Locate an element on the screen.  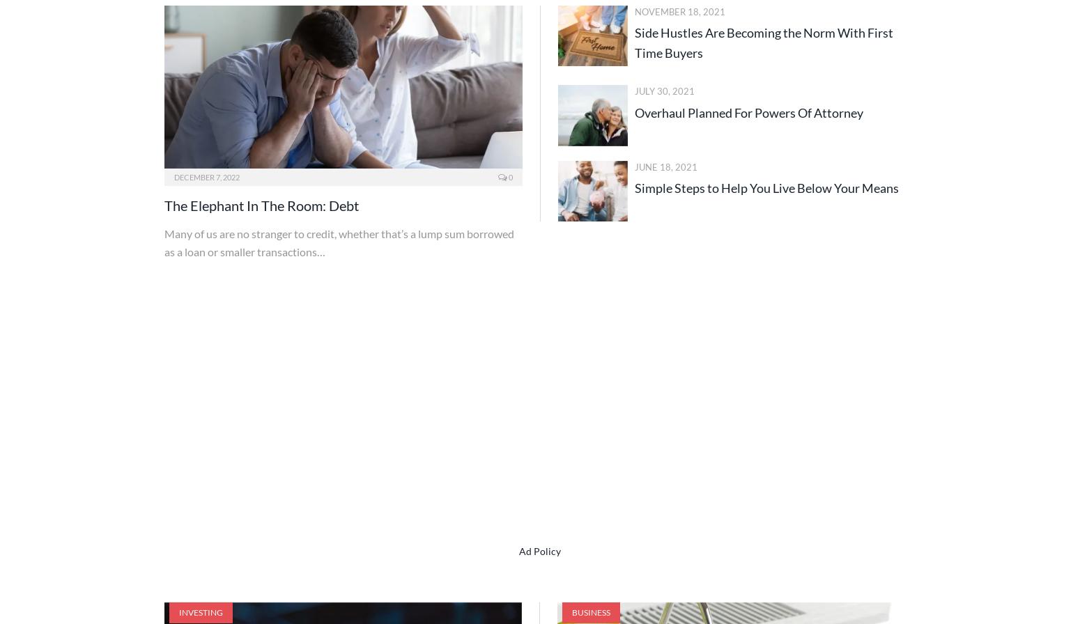
'December 7, 2022' is located at coordinates (206, 177).